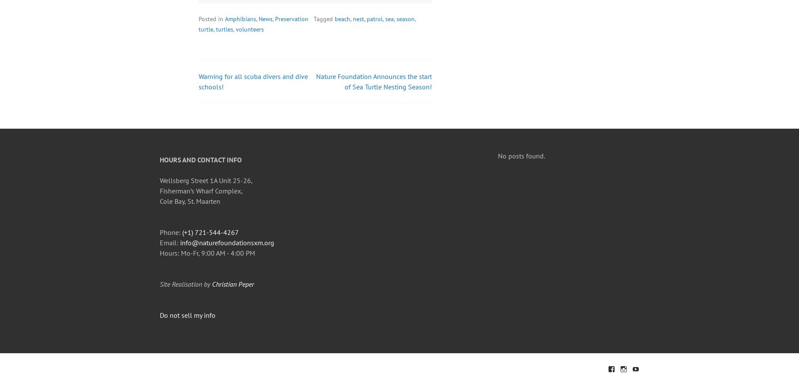 The height and width of the screenshot is (383, 799). What do you see at coordinates (169, 242) in the screenshot?
I see `'Email:'` at bounding box center [169, 242].